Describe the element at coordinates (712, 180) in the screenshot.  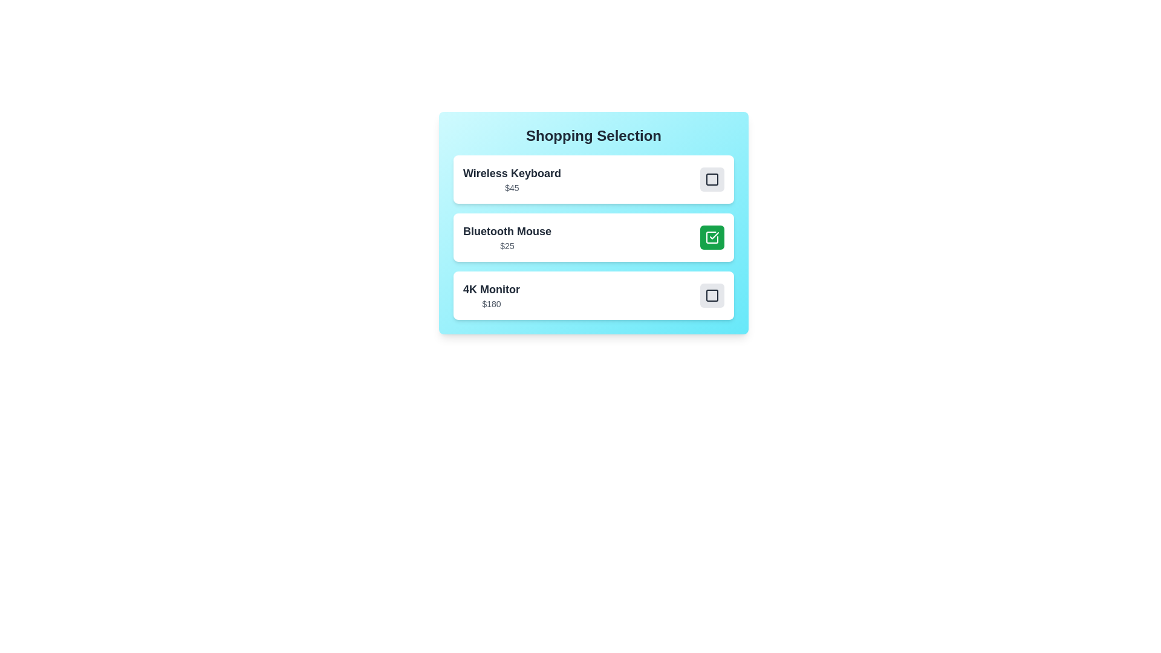
I see `the small square icon located at the rightmost end of the first row in the 'Shopping Selection' list for 'Wireless Keyboard'. This icon has rounded corners and is visually minimalist without any text or symbols` at that location.